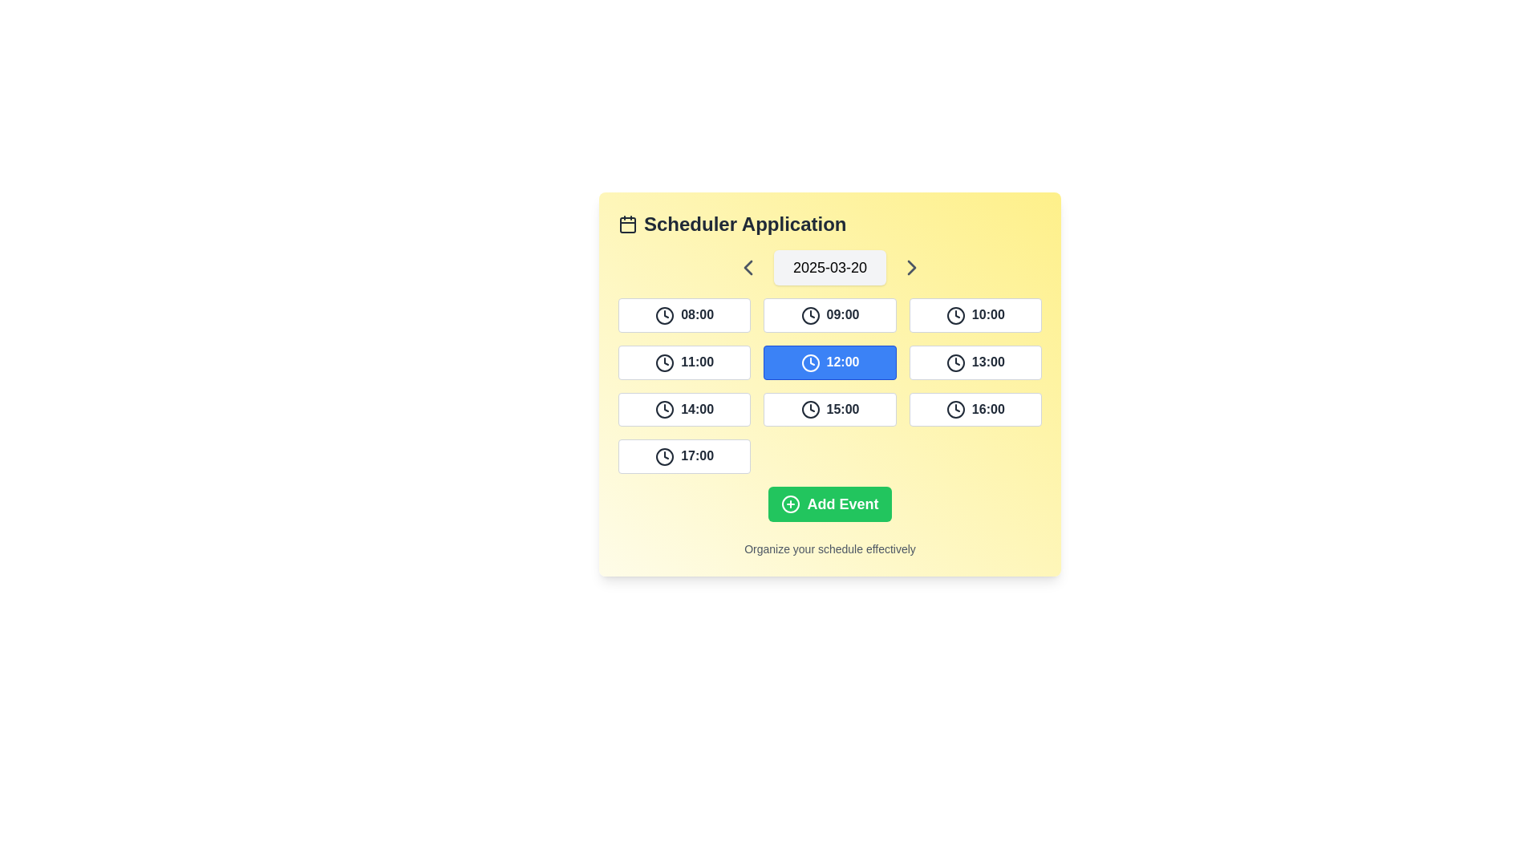 This screenshot has width=1540, height=866. Describe the element at coordinates (810, 362) in the screenshot. I see `the clock icon located on the left side of the button labeled '12:00' in the time slot grid, which serves as a visual aid to indicate time` at that location.